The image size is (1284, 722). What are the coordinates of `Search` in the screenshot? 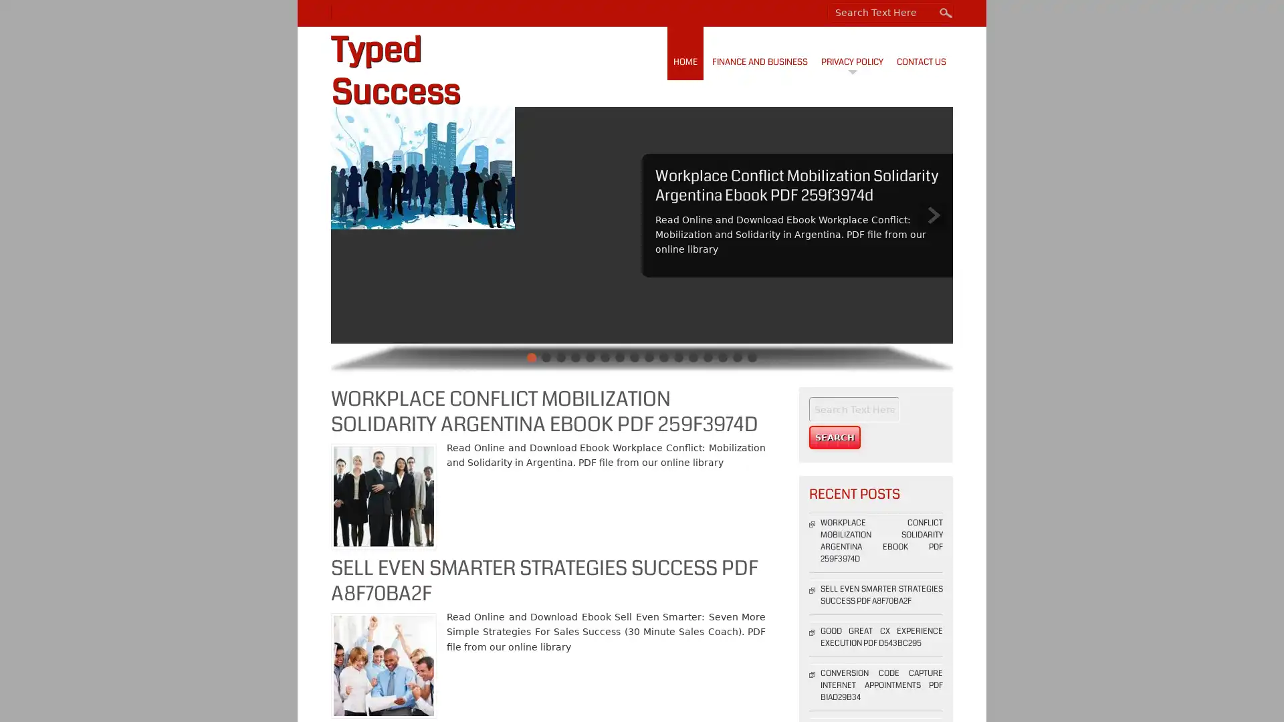 It's located at (834, 437).